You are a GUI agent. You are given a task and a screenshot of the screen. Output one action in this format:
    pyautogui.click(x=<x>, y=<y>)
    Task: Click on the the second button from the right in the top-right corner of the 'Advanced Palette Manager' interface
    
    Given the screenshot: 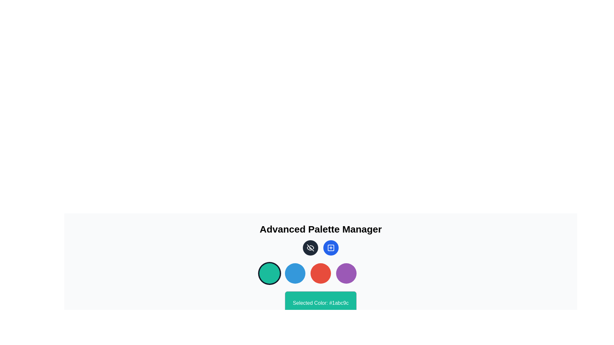 What is the action you would take?
    pyautogui.click(x=331, y=247)
    